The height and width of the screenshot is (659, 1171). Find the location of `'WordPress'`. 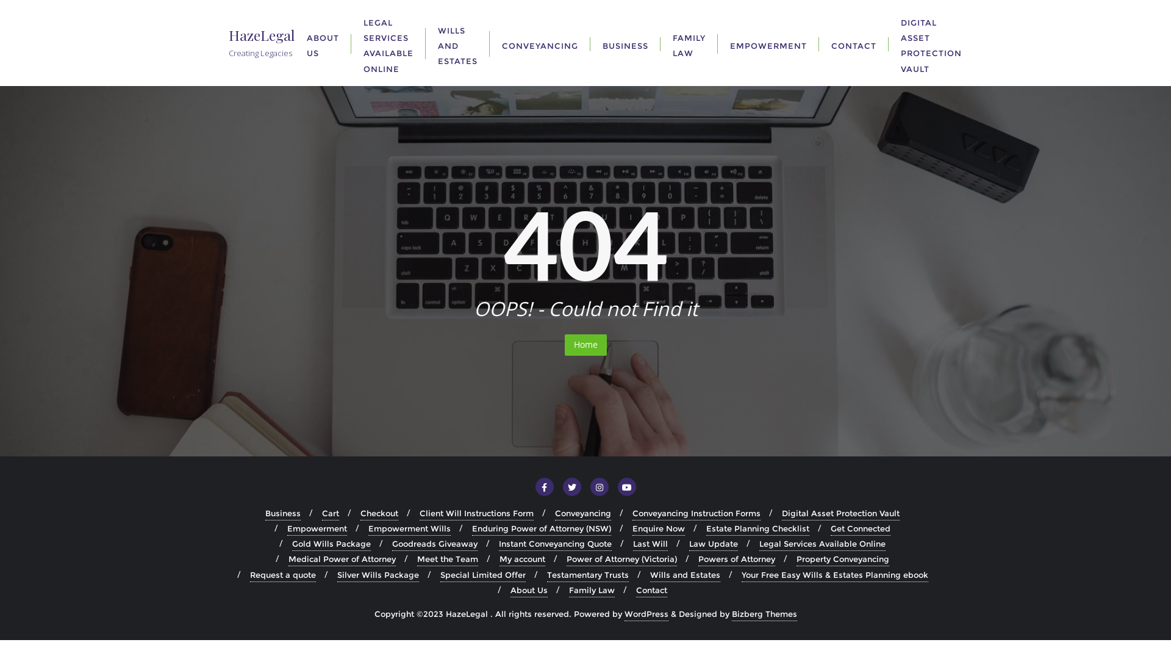

'WordPress' is located at coordinates (646, 614).